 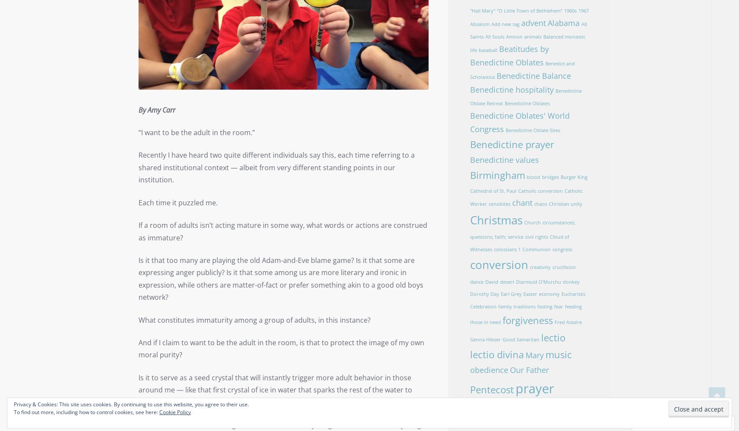 What do you see at coordinates (570, 282) in the screenshot?
I see `'donkey'` at bounding box center [570, 282].